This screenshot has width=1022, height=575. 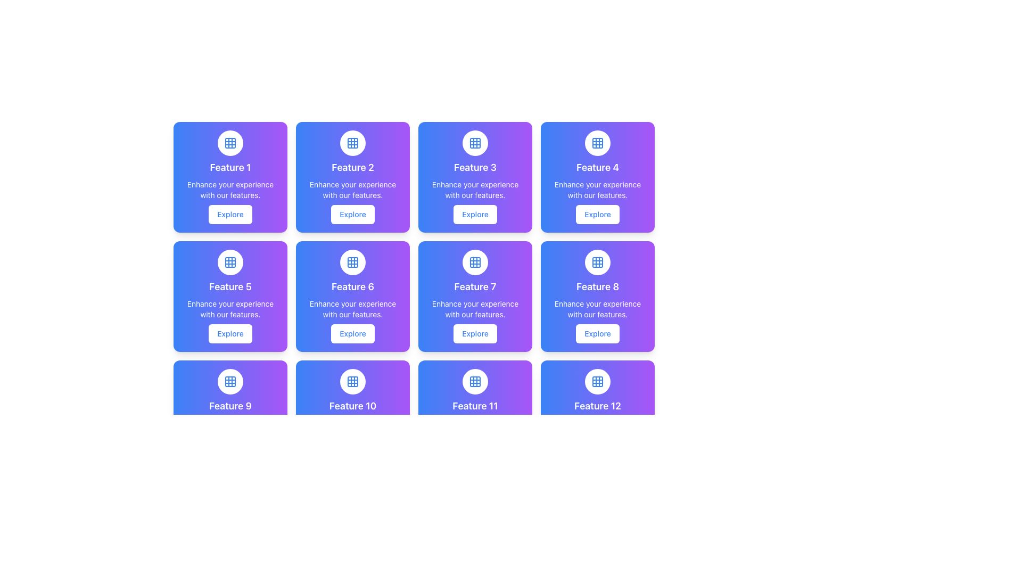 What do you see at coordinates (598, 415) in the screenshot?
I see `the 'Explore' button inside the twelfth card located in the bottom right corner of the grid layout` at bounding box center [598, 415].